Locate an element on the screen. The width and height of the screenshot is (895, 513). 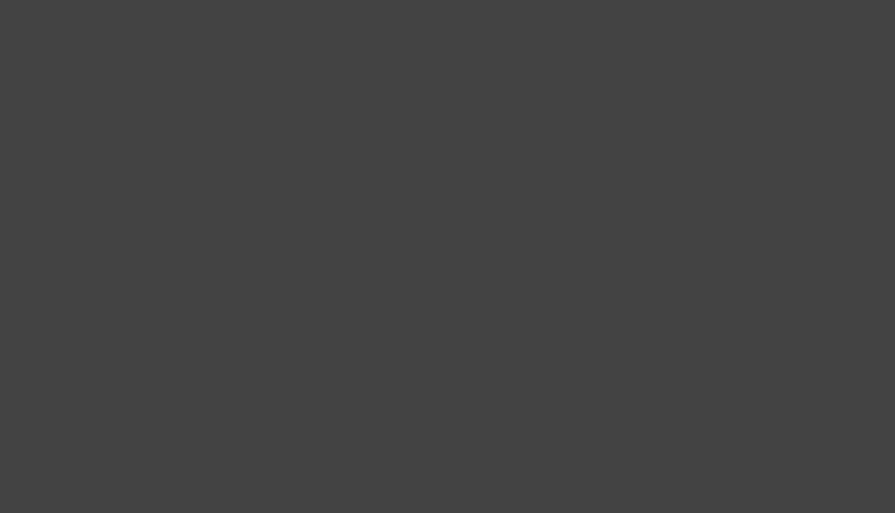
'Crystal Clear COMCIT Frozen Facial' is located at coordinates (248, 471).